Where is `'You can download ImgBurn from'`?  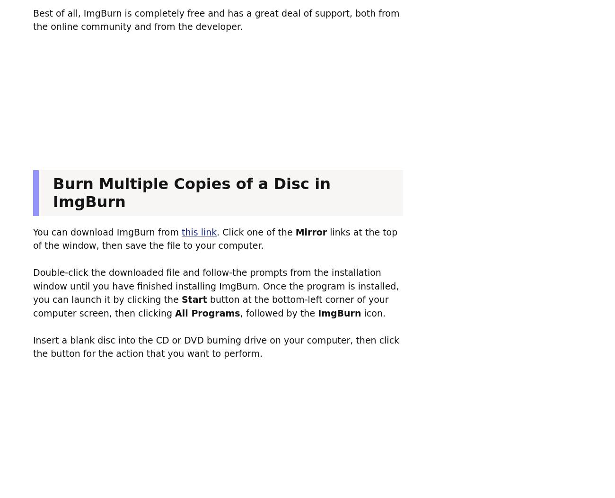
'You can download ImgBurn from' is located at coordinates (33, 232).